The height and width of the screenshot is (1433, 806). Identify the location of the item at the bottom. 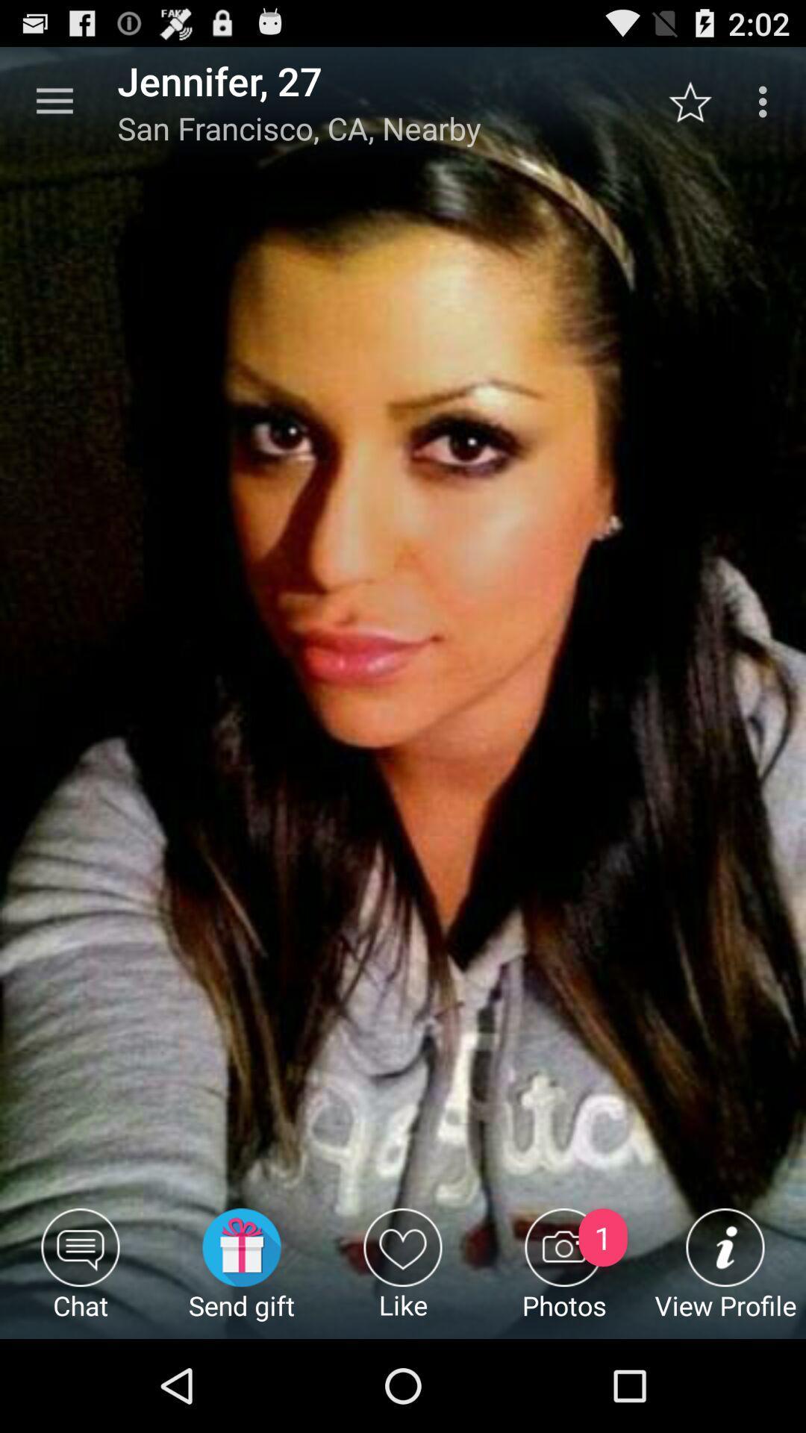
(403, 1273).